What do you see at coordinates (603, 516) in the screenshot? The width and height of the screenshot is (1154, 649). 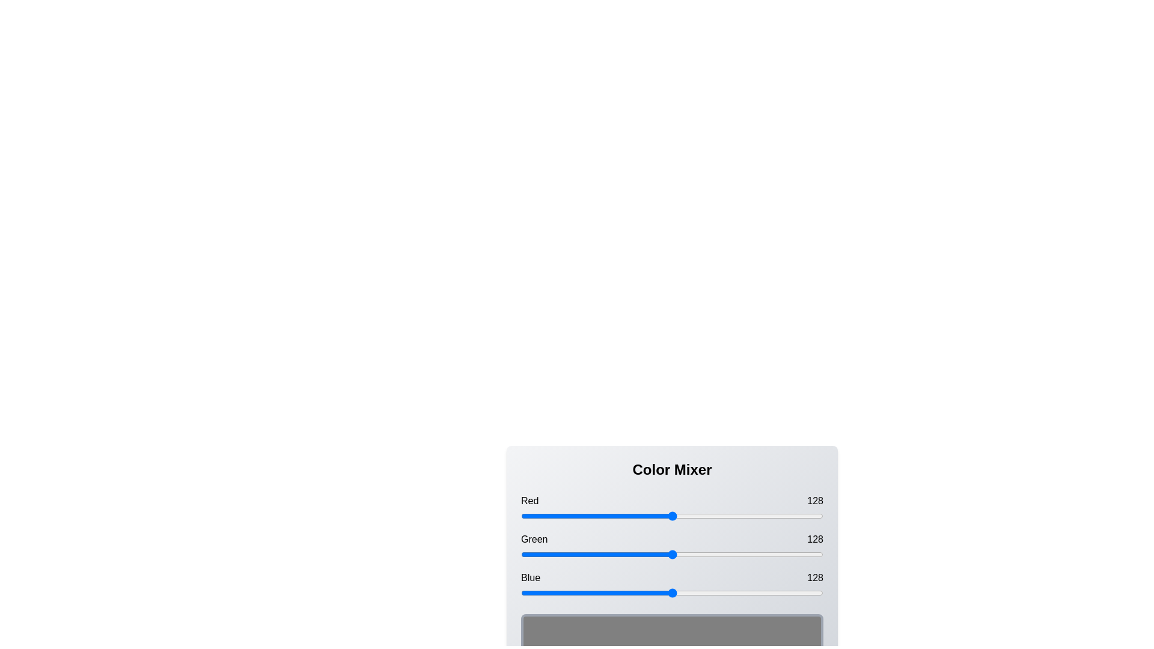 I see `the red slider to 69` at bounding box center [603, 516].